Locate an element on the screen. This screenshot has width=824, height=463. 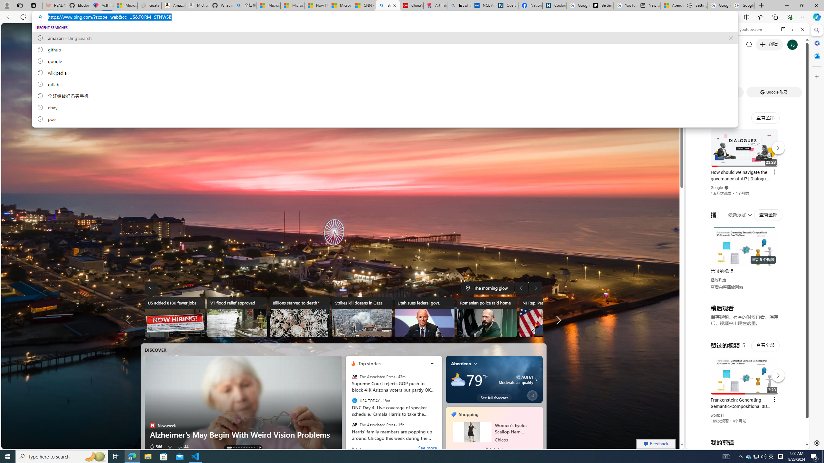
'Restore' is located at coordinates (801, 5).